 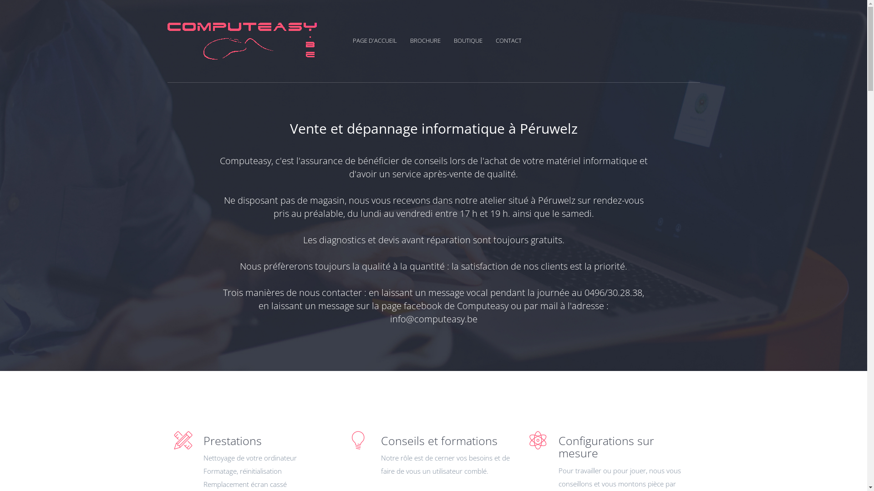 What do you see at coordinates (453, 40) in the screenshot?
I see `'BOUTIQUE'` at bounding box center [453, 40].